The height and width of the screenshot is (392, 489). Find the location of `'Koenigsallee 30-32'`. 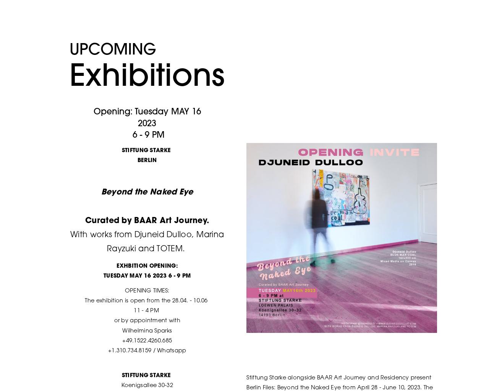

'Koenigsallee 30-32' is located at coordinates (147, 385).